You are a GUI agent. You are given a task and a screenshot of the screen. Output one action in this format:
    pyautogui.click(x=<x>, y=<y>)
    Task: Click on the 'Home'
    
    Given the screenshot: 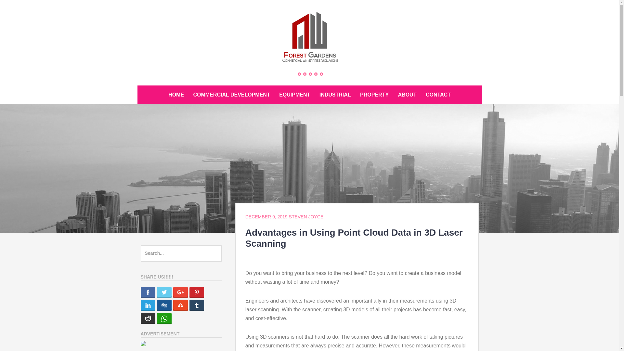 What is the action you would take?
    pyautogui.click(x=297, y=73)
    